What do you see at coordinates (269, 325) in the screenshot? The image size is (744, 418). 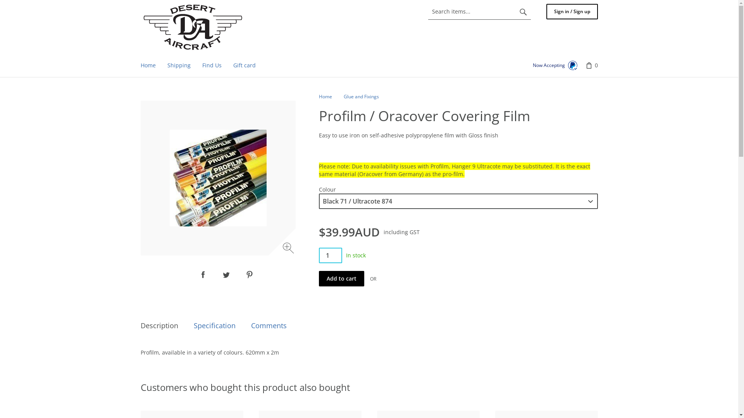 I see `'Comments'` at bounding box center [269, 325].